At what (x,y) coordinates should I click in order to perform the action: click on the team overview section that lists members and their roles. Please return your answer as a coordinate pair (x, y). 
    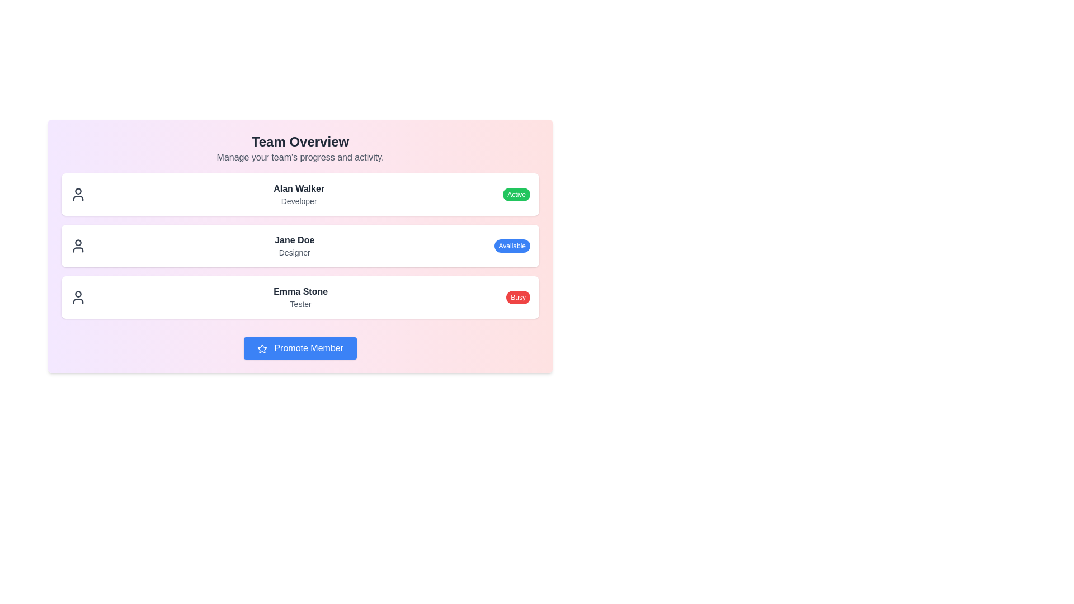
    Looking at the image, I should click on (300, 245).